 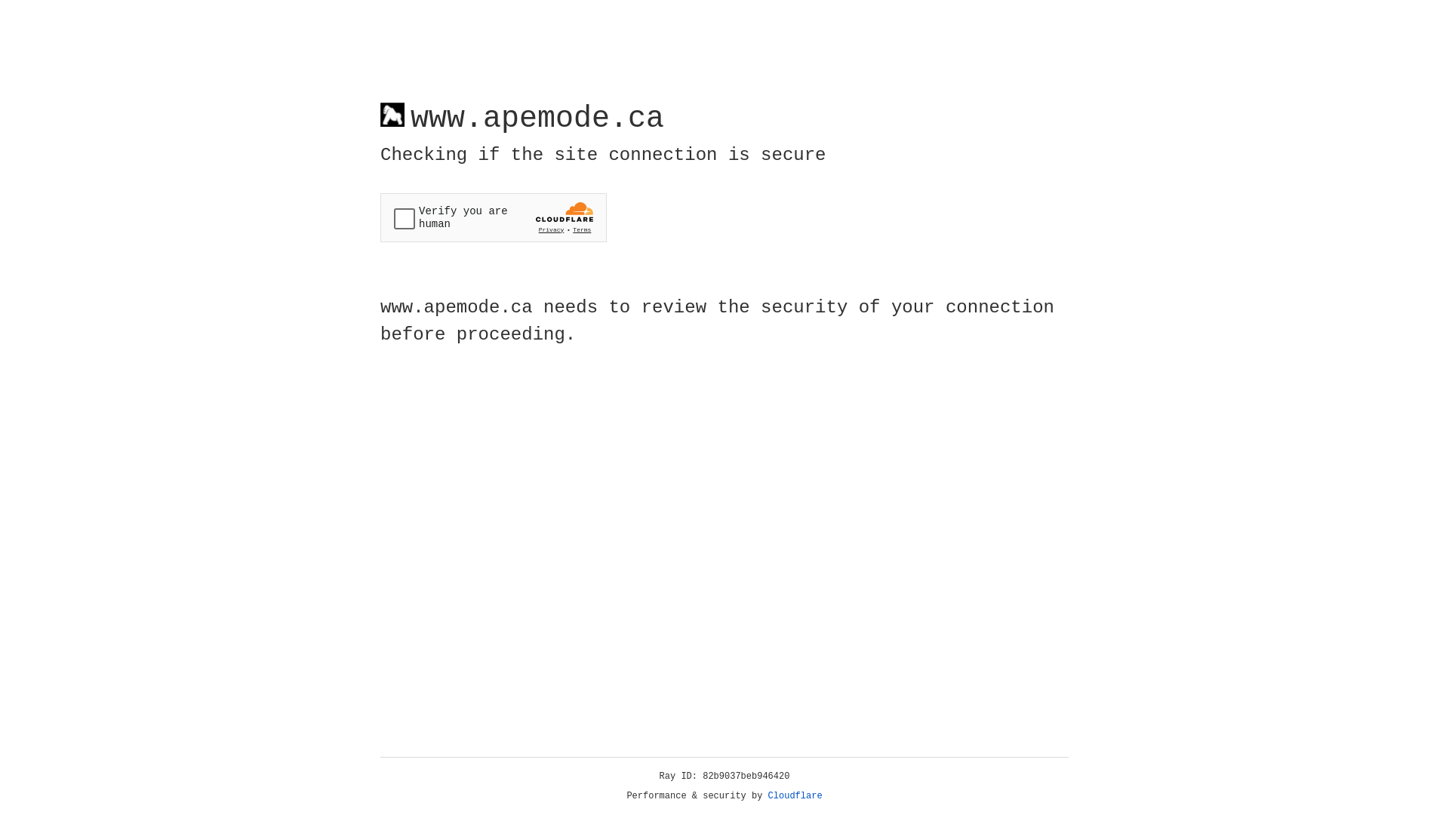 I want to click on 'Widget containing a Cloudflare security challenge', so click(x=493, y=217).